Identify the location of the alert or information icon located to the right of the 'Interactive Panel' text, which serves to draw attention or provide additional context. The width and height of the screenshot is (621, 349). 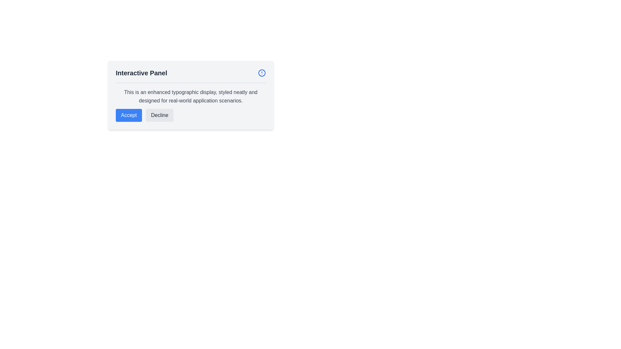
(262, 73).